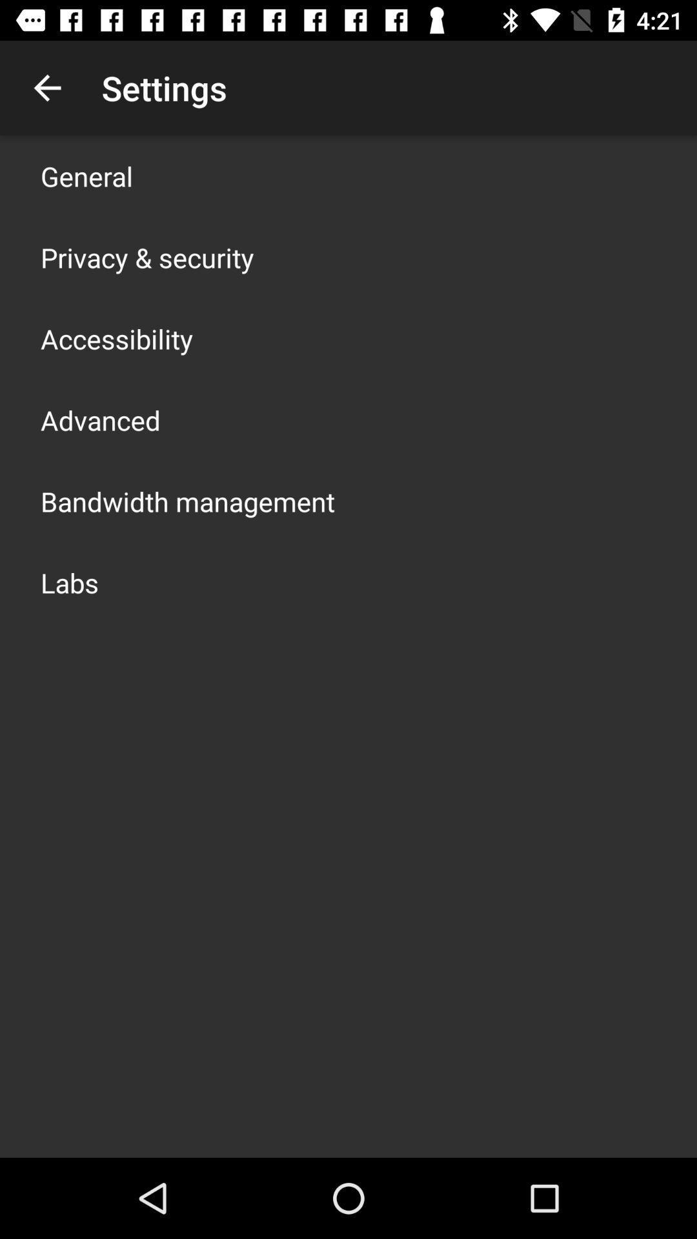 The image size is (697, 1239). I want to click on app above general icon, so click(46, 87).